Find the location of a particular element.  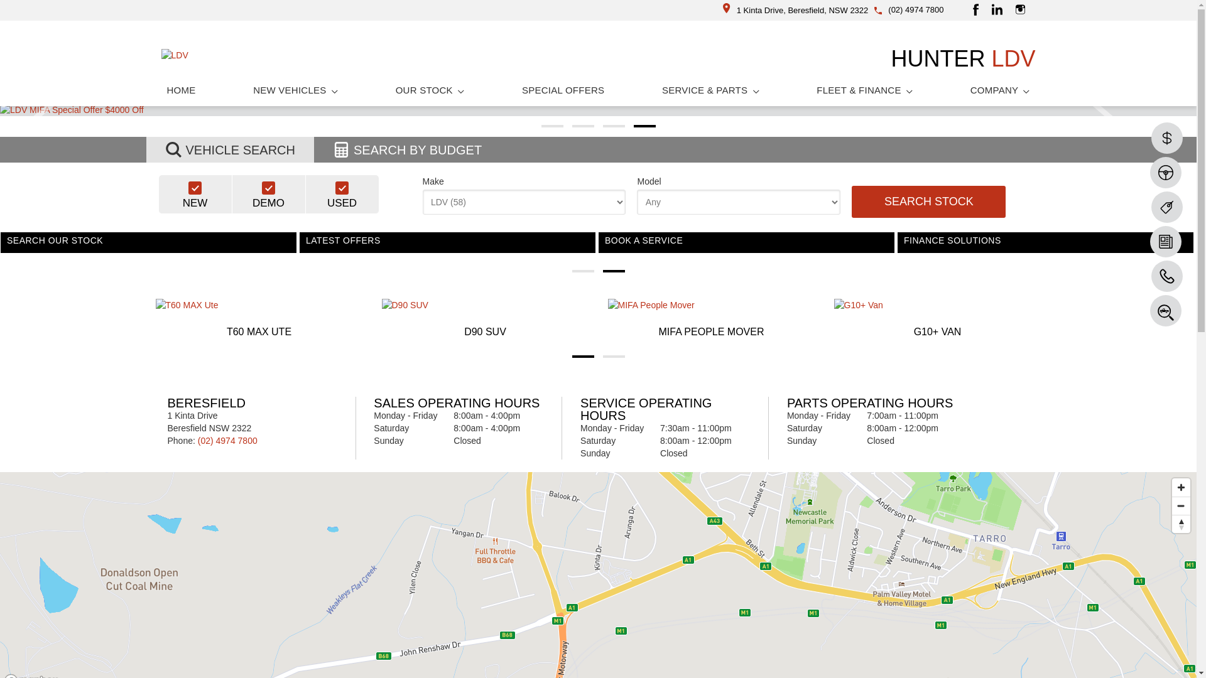

'HOME' is located at coordinates (180, 89).